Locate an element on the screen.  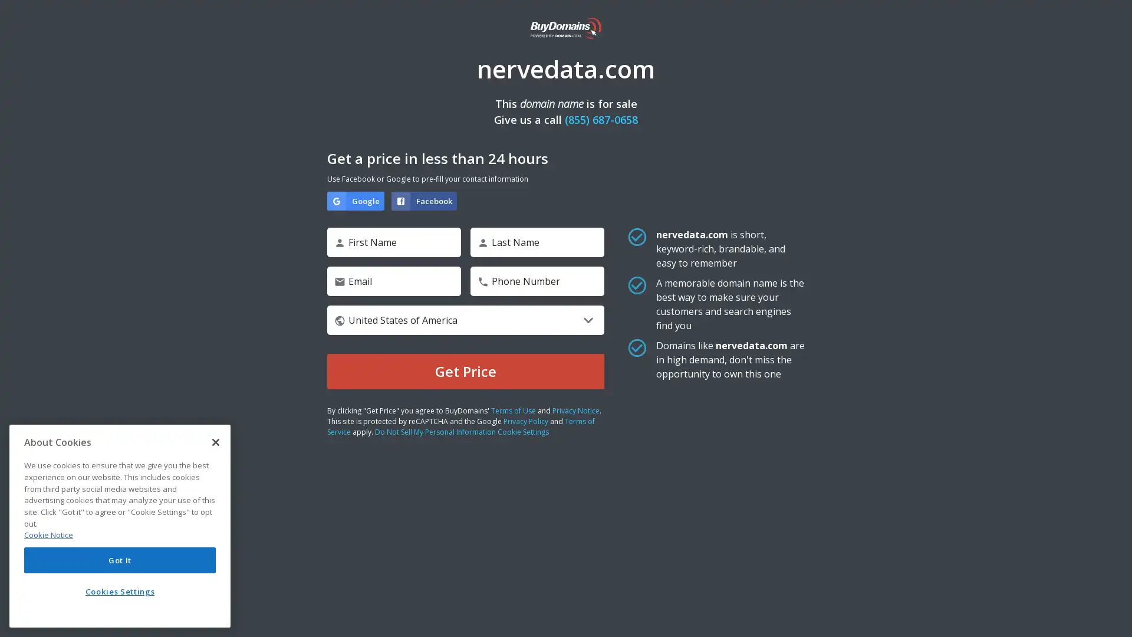
Facebook is located at coordinates (424, 200).